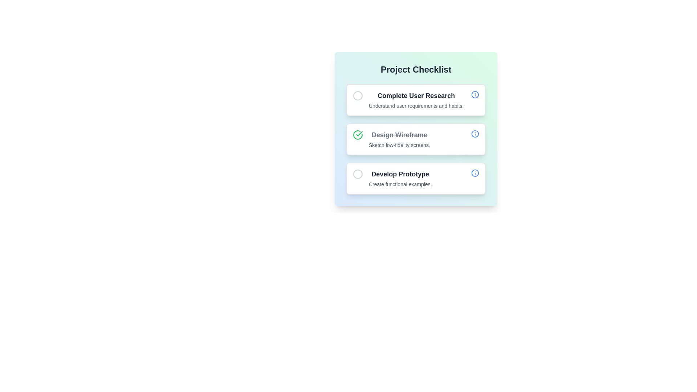  I want to click on the visual changes of the light gray outlined circle located within the third item of the 'Develop Prototype' vertical list, so click(358, 174).